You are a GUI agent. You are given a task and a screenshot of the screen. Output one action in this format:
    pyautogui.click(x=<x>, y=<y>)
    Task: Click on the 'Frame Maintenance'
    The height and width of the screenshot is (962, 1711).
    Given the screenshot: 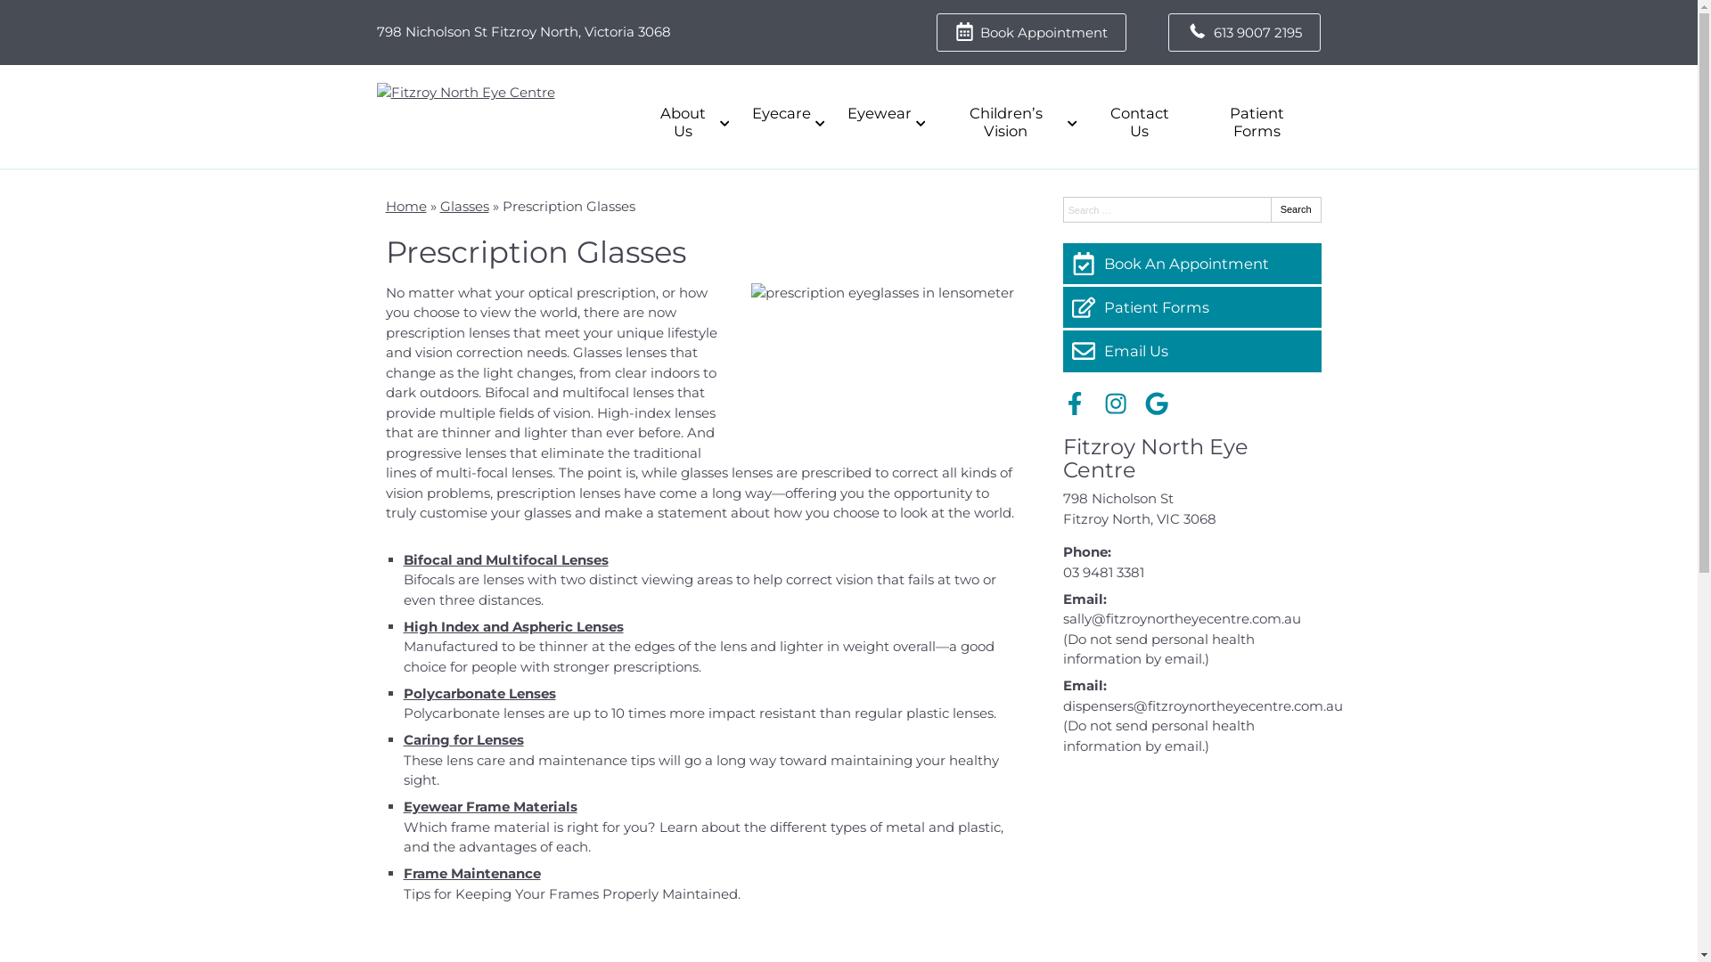 What is the action you would take?
    pyautogui.click(x=471, y=872)
    